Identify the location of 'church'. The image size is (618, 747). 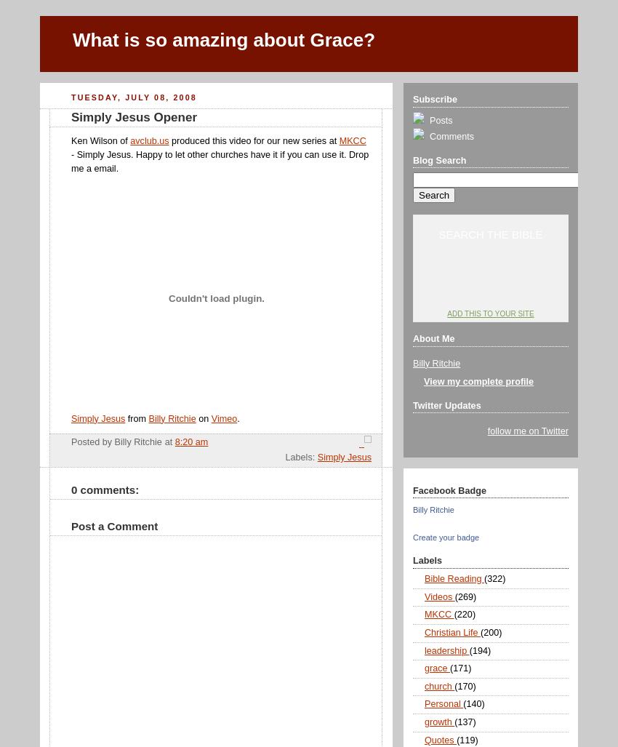
(438, 685).